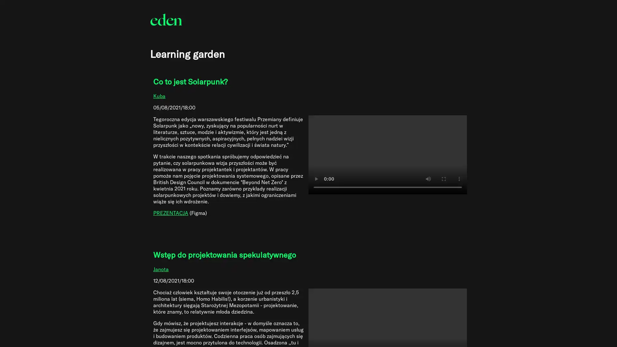  I want to click on enter full screen, so click(443, 179).